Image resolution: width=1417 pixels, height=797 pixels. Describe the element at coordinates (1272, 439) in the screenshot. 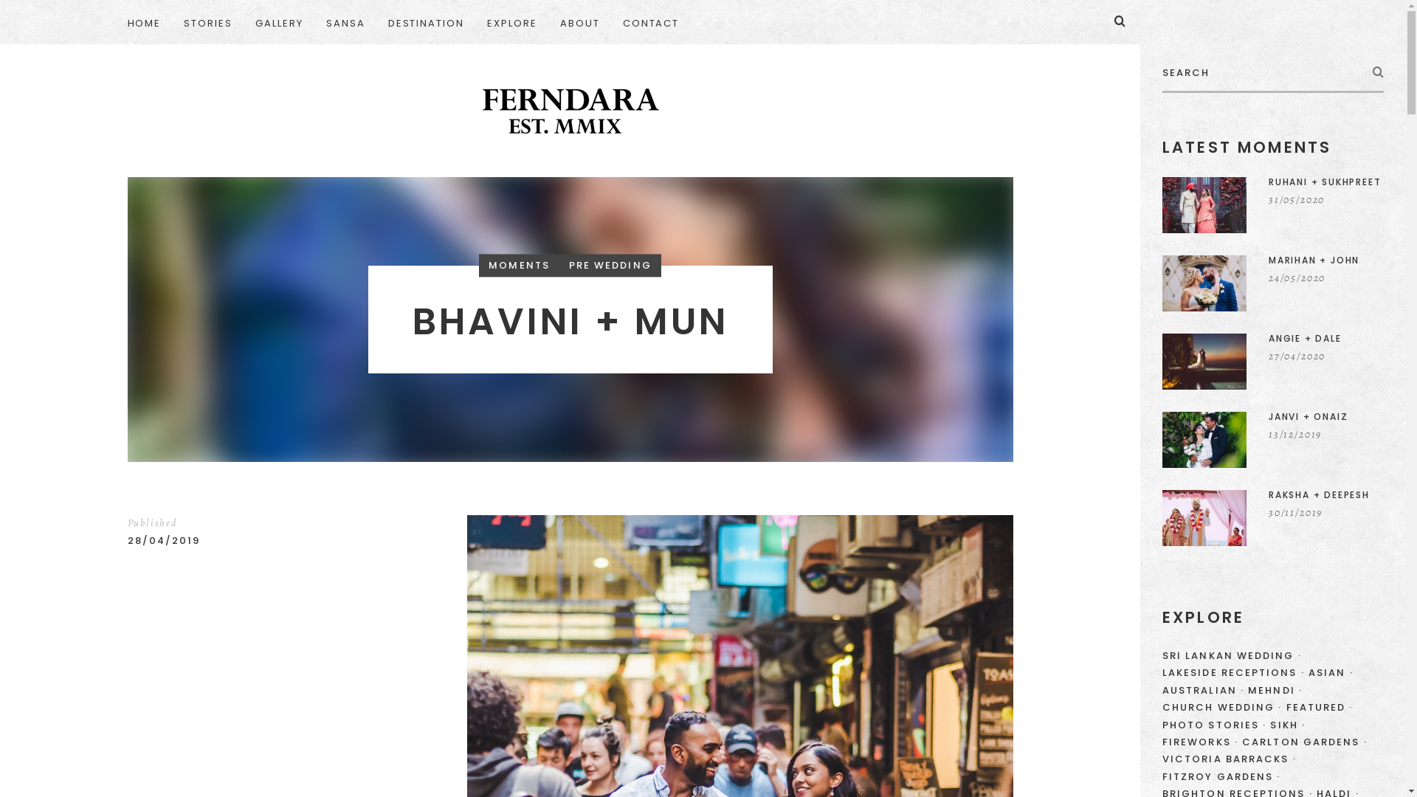

I see `'JANVI + ONAIZ` at that location.